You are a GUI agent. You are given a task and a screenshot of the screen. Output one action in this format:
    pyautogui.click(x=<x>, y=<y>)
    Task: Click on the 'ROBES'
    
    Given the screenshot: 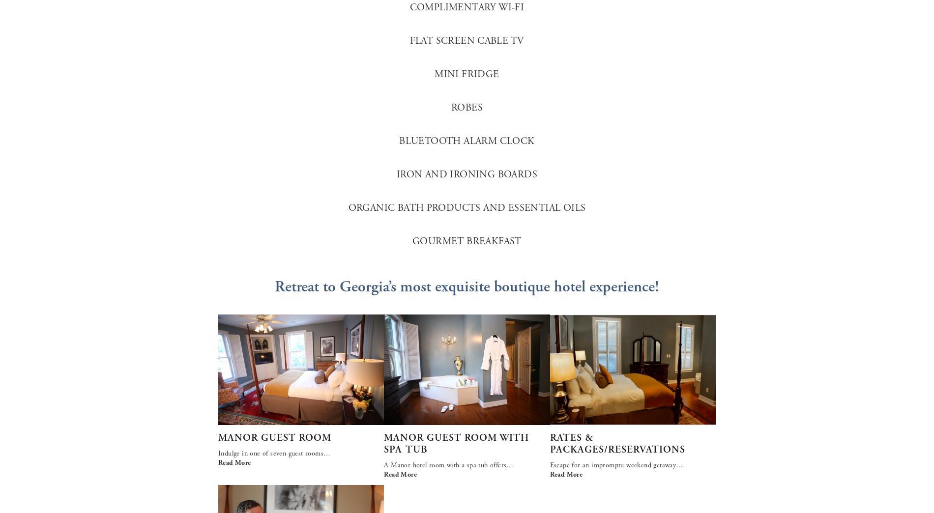 What is the action you would take?
    pyautogui.click(x=467, y=108)
    